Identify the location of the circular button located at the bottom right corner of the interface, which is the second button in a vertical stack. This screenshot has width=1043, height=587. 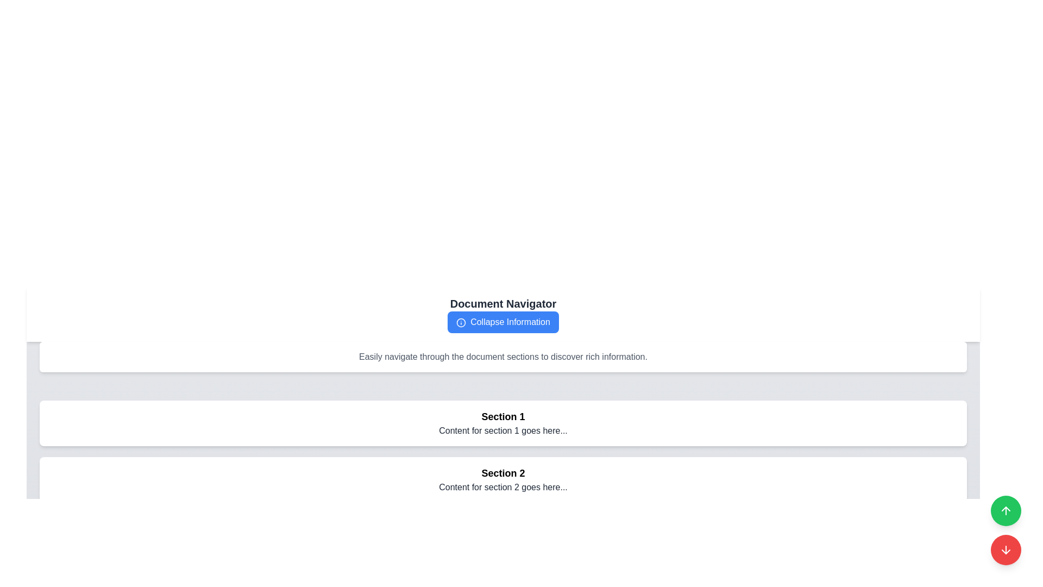
(1006, 549).